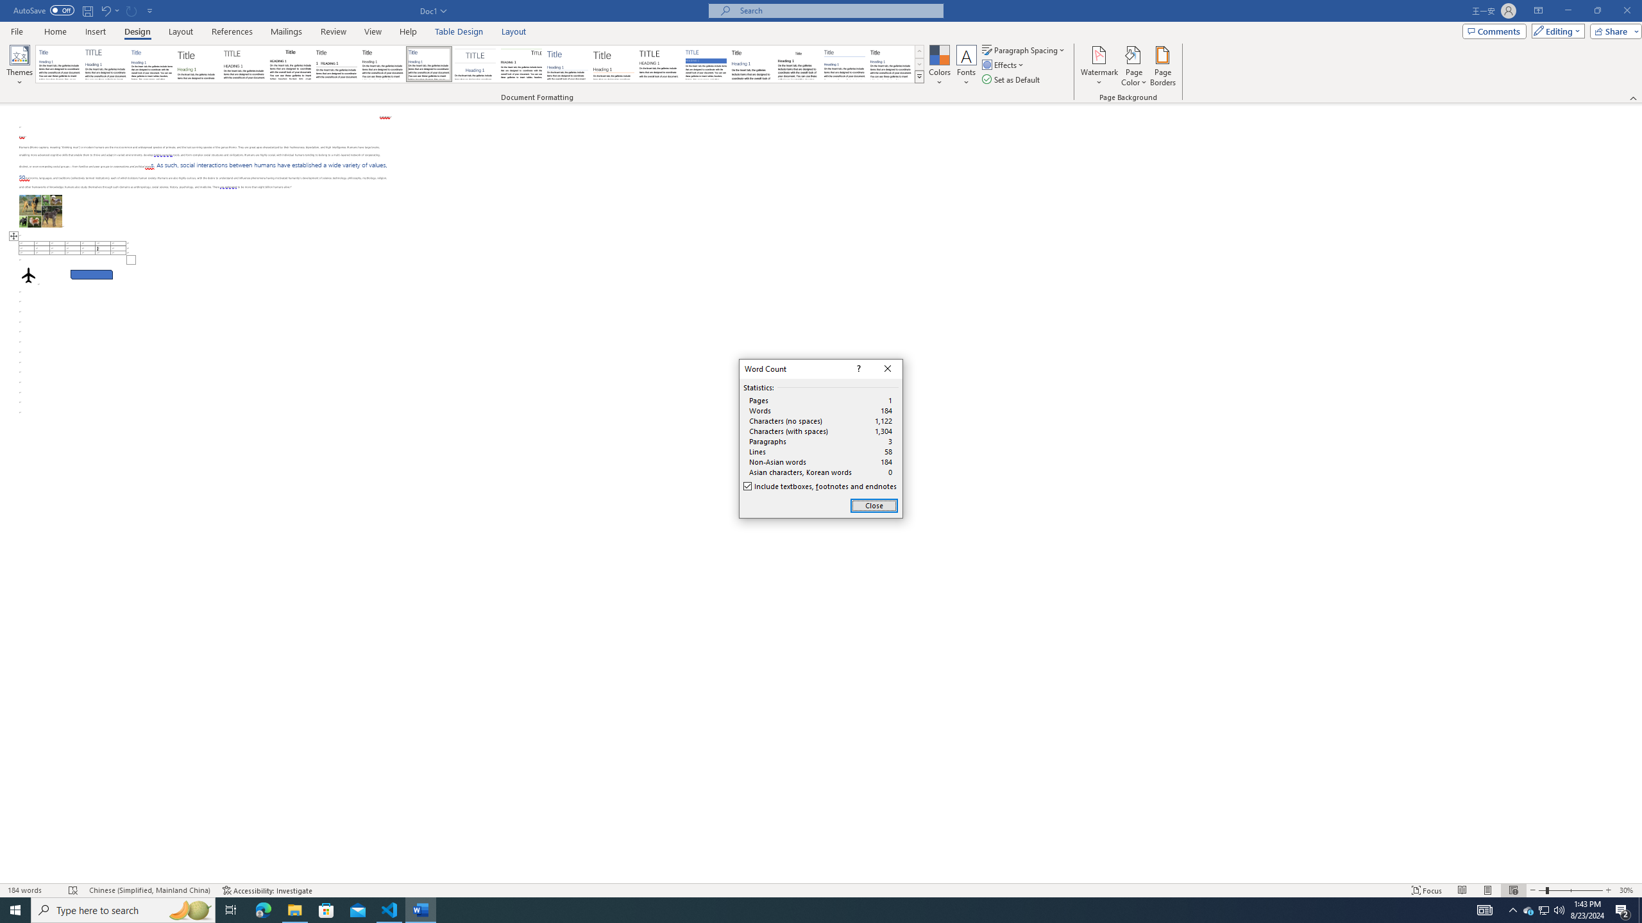 Image resolution: width=1642 pixels, height=923 pixels. Describe the element at coordinates (1004, 63) in the screenshot. I see `'Effects'` at that location.